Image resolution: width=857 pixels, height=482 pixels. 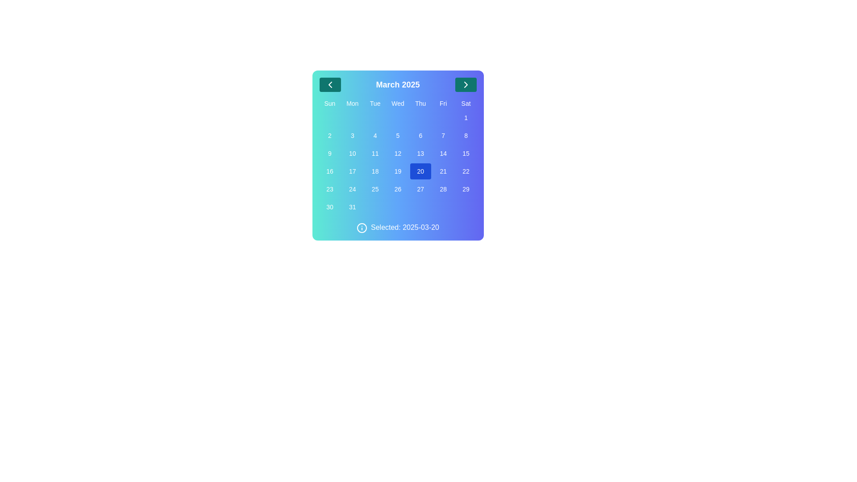 I want to click on the rectangular button labeled '16' located in the fourth row and first column of the calendar grid under the week header 'Sun', so click(x=329, y=171).